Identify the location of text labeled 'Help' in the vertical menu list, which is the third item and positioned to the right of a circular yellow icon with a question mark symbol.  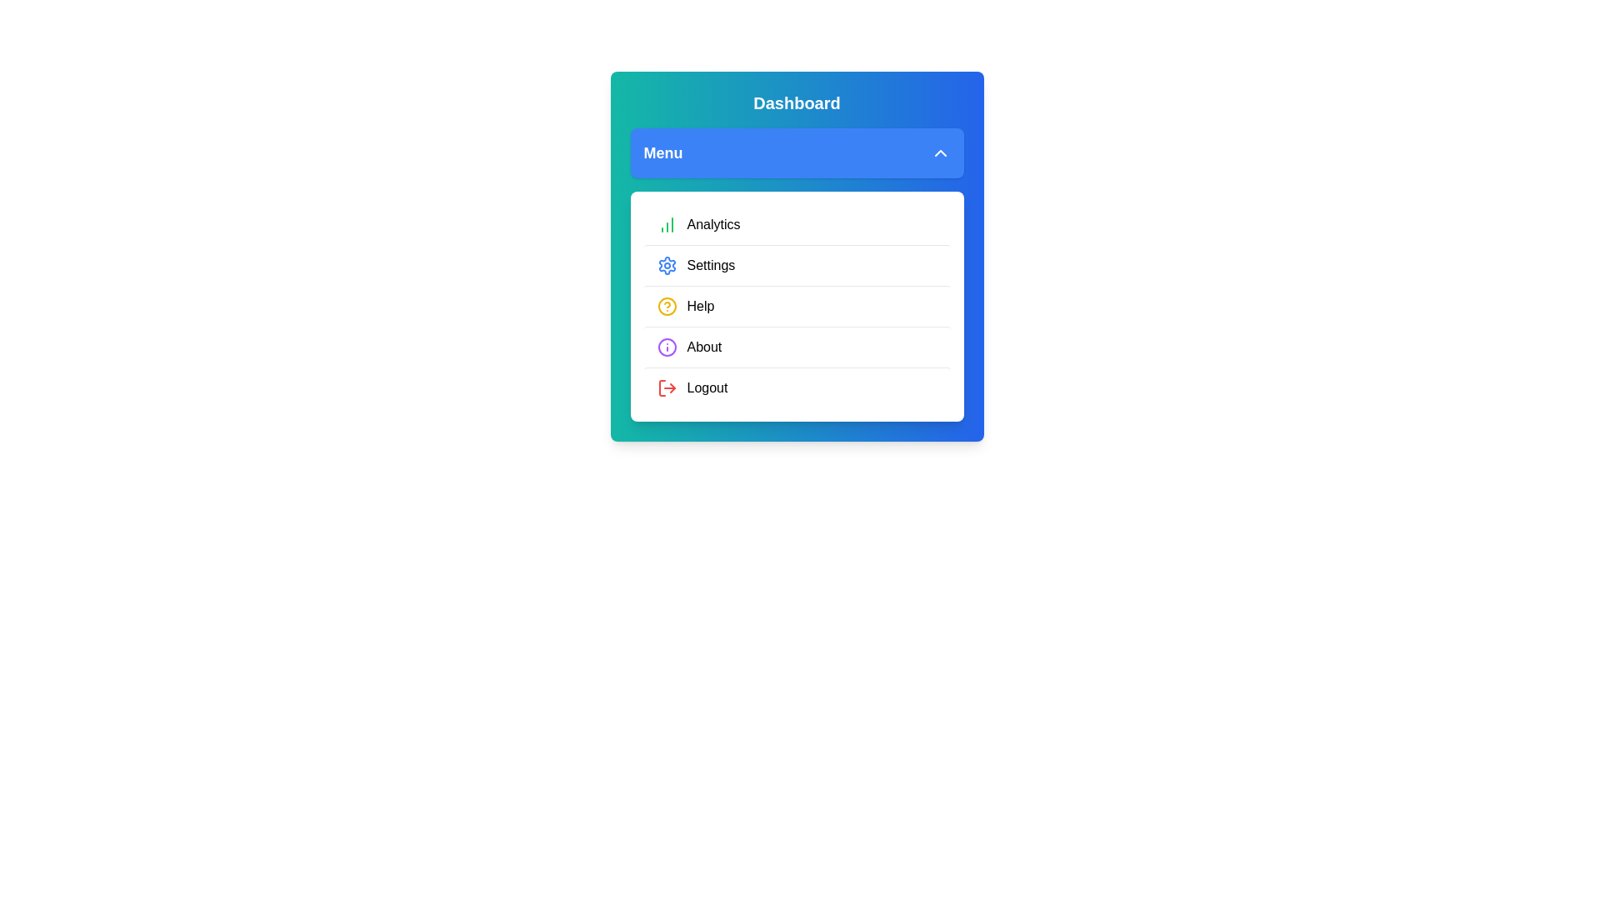
(700, 306).